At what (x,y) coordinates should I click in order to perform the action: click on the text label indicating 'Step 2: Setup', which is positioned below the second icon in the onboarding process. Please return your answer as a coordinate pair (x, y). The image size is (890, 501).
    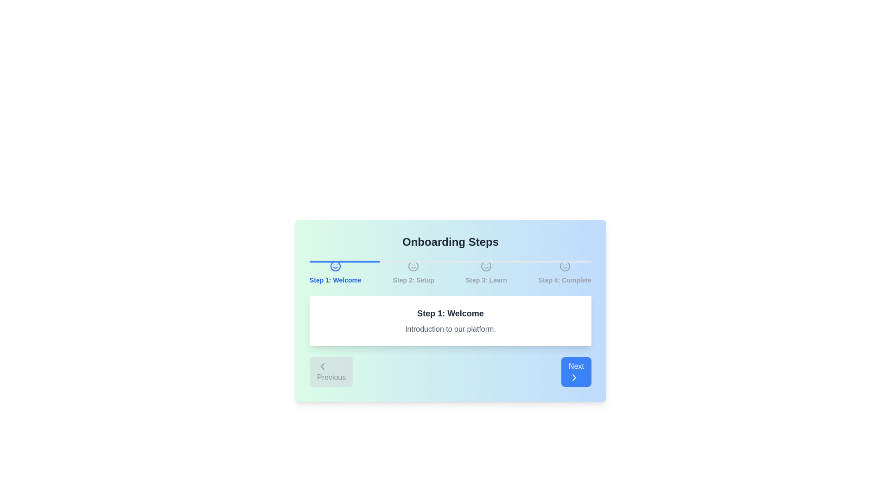
    Looking at the image, I should click on (413, 280).